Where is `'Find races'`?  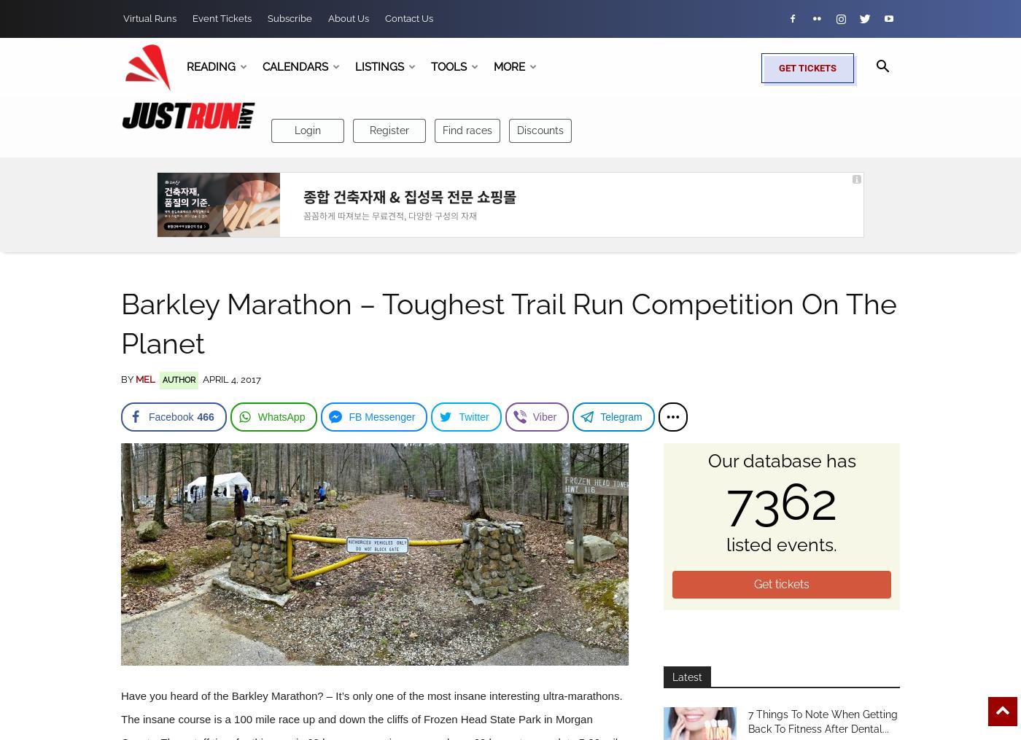
'Find races' is located at coordinates (467, 130).